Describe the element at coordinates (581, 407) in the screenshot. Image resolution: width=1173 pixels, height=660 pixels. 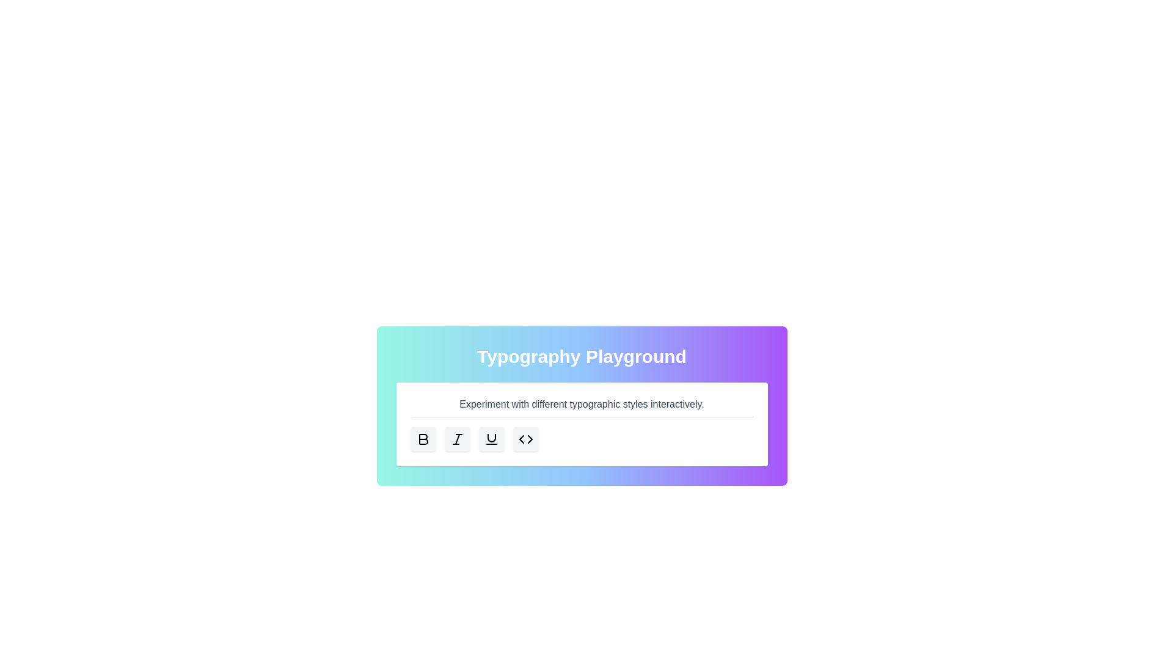
I see `the Descriptive text element that contains the text 'Experiment with different typographic styles interactively.'` at that location.